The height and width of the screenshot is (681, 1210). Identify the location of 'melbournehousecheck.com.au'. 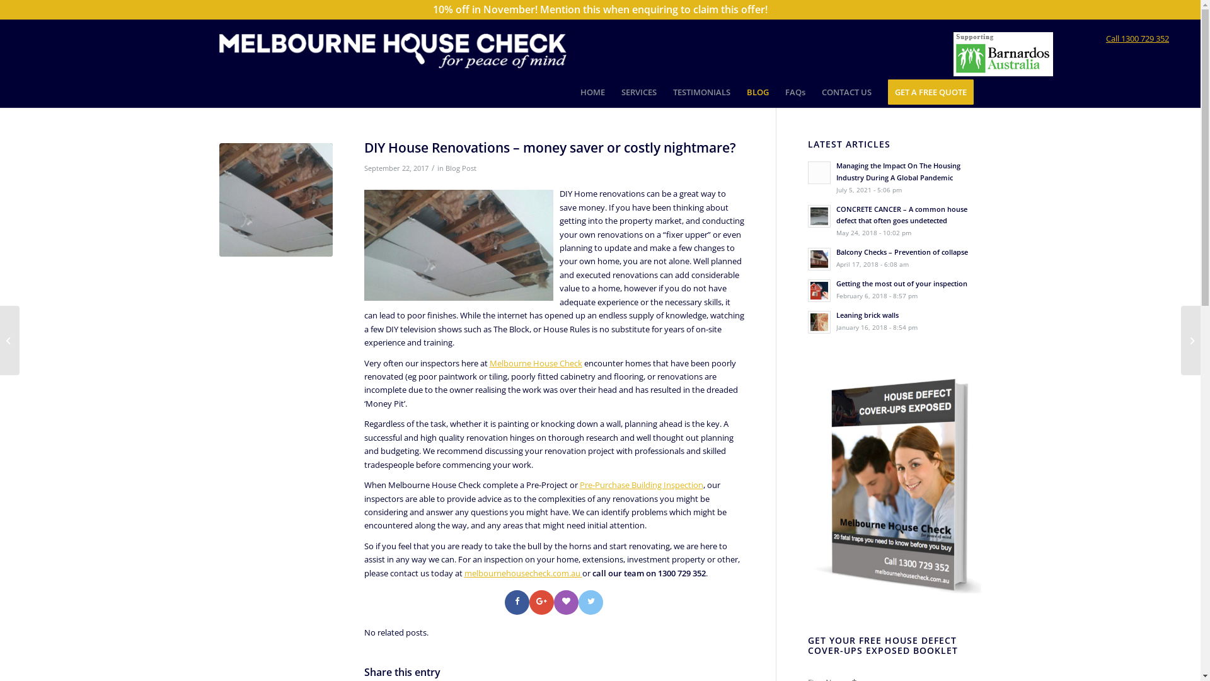
(522, 573).